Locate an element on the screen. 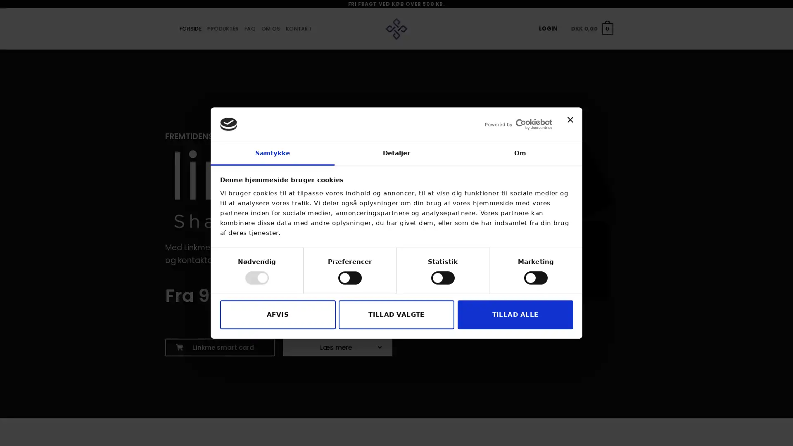 The image size is (793, 446). Ls mere is located at coordinates (337, 347).